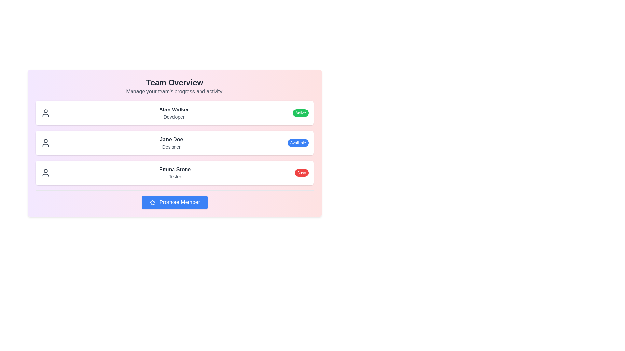 This screenshot has height=351, width=625. What do you see at coordinates (45, 173) in the screenshot?
I see `the user profile icon representing 'Emma Stone' in the 'Team Overview' section, located on the left side of the third card, aligned with the text 'Emma Stone' and 'Tester'` at bounding box center [45, 173].